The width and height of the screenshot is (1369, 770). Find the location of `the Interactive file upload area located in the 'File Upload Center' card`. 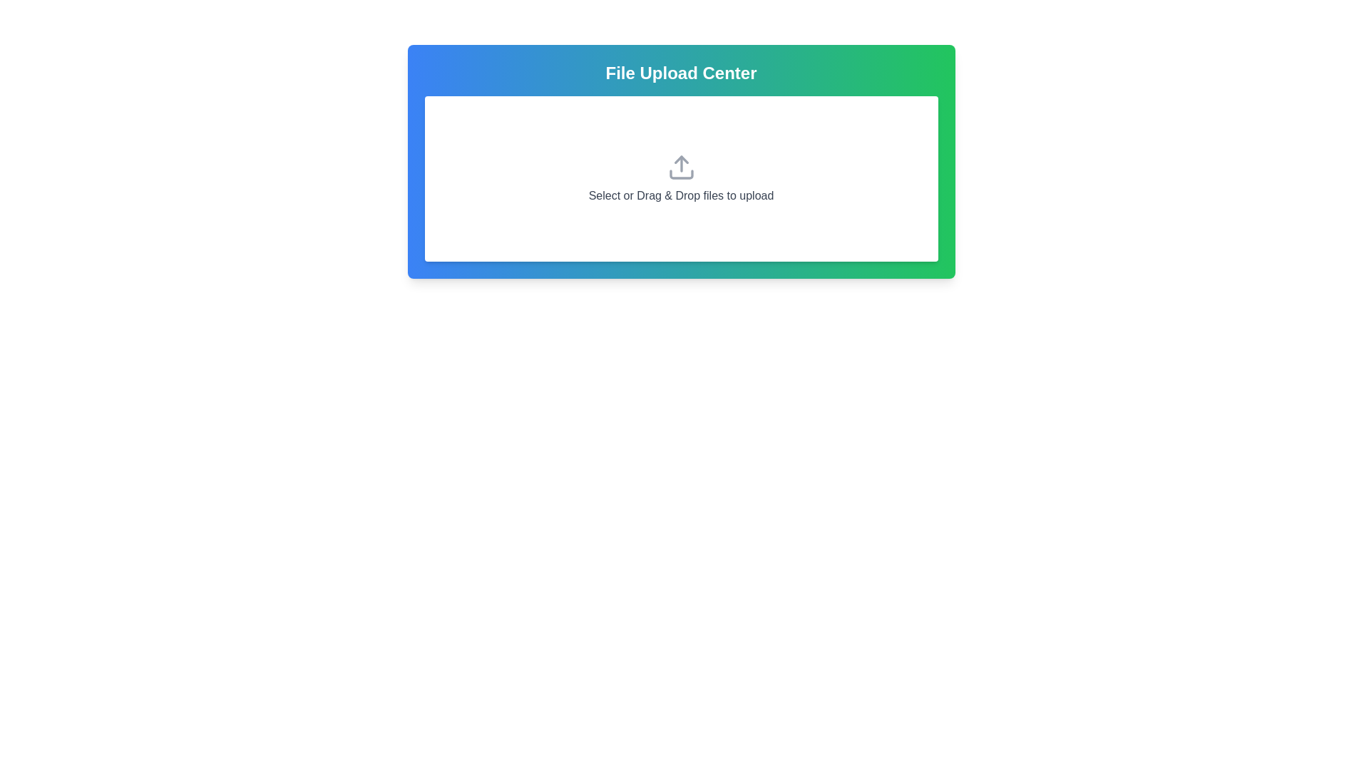

the Interactive file upload area located in the 'File Upload Center' card is located at coordinates (680, 178).